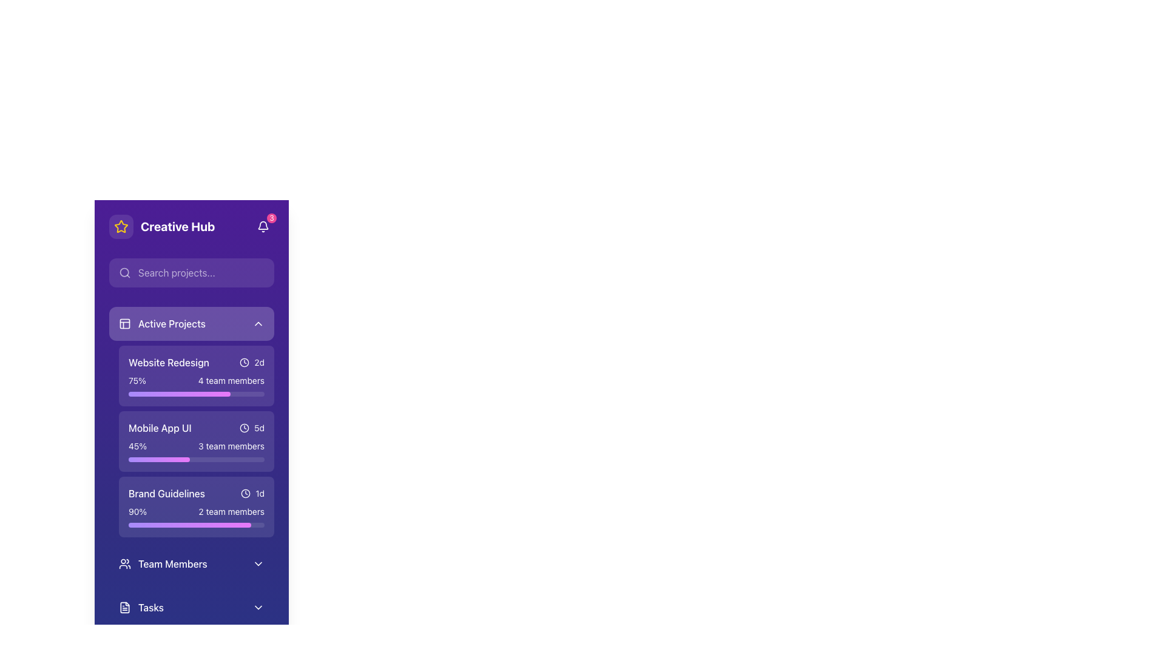 This screenshot has width=1165, height=655. I want to click on the notification icon represented by a bell shape with a pink badge containing the number '3', so click(262, 227).